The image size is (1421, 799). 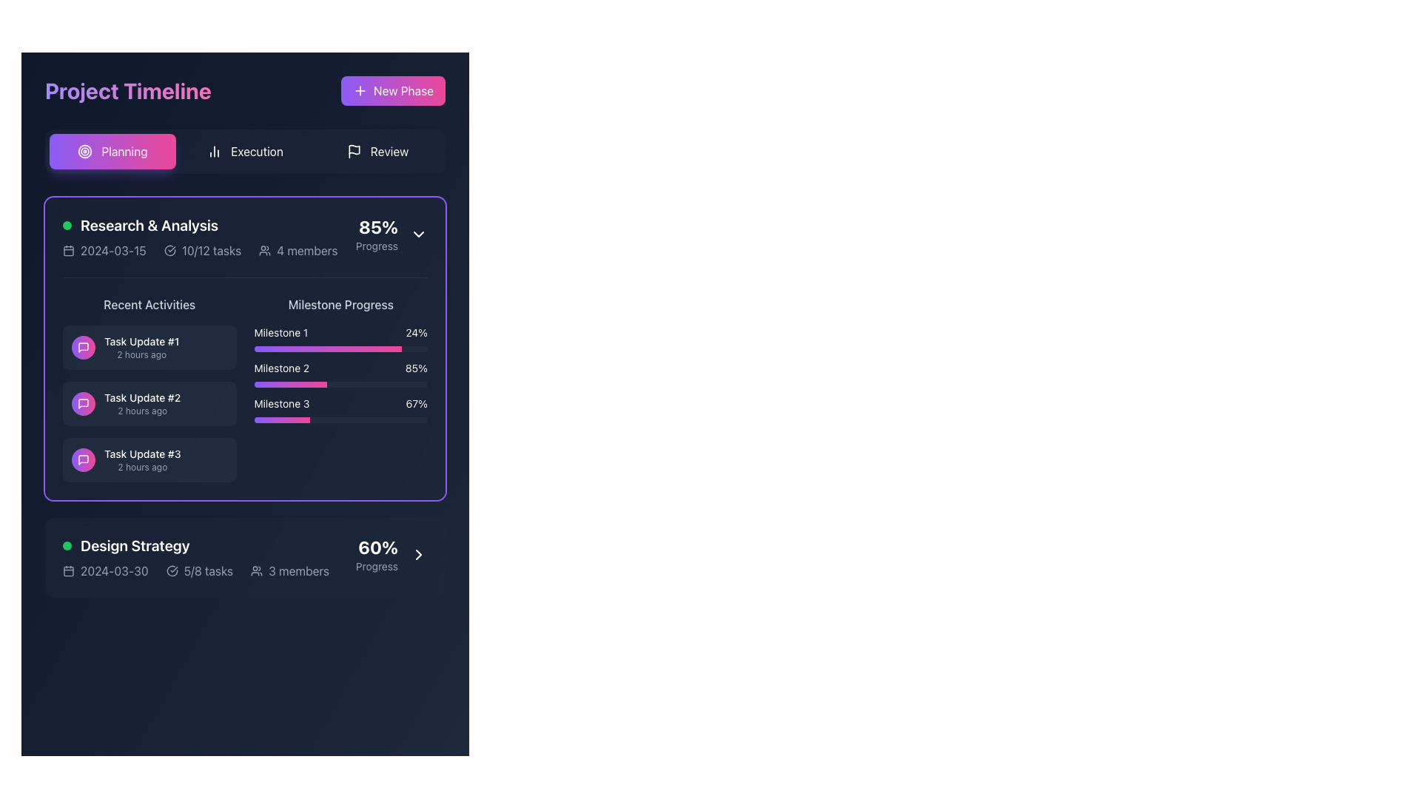 What do you see at coordinates (67, 225) in the screenshot?
I see `the small circular green indicator located to the left of the 'Research & Analysis' label` at bounding box center [67, 225].